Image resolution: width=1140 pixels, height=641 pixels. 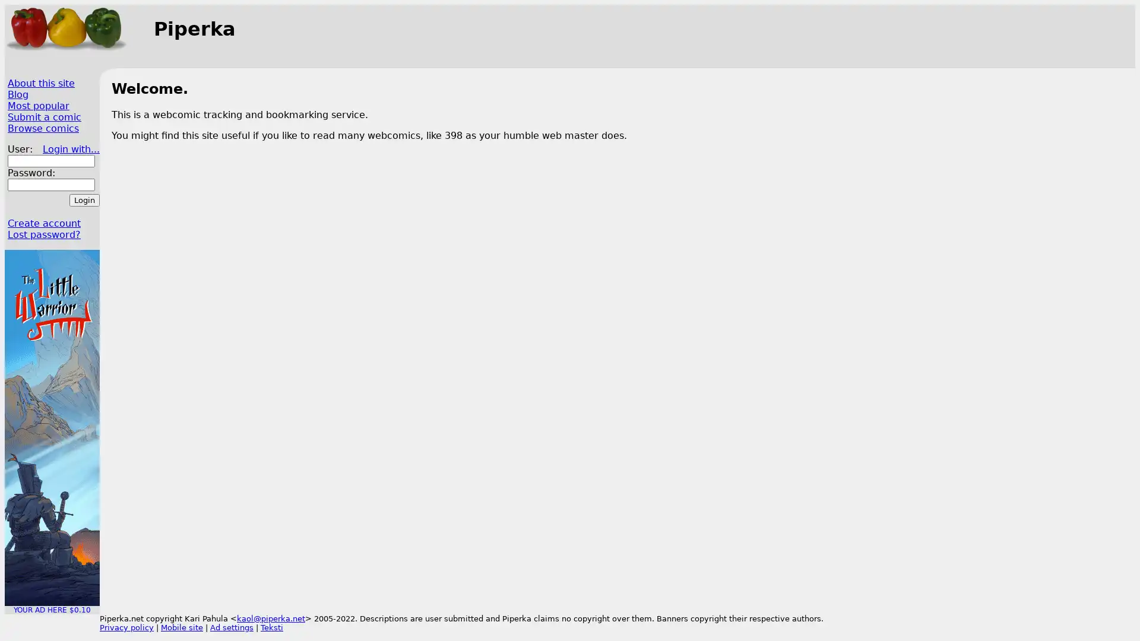 What do you see at coordinates (84, 199) in the screenshot?
I see `Login` at bounding box center [84, 199].